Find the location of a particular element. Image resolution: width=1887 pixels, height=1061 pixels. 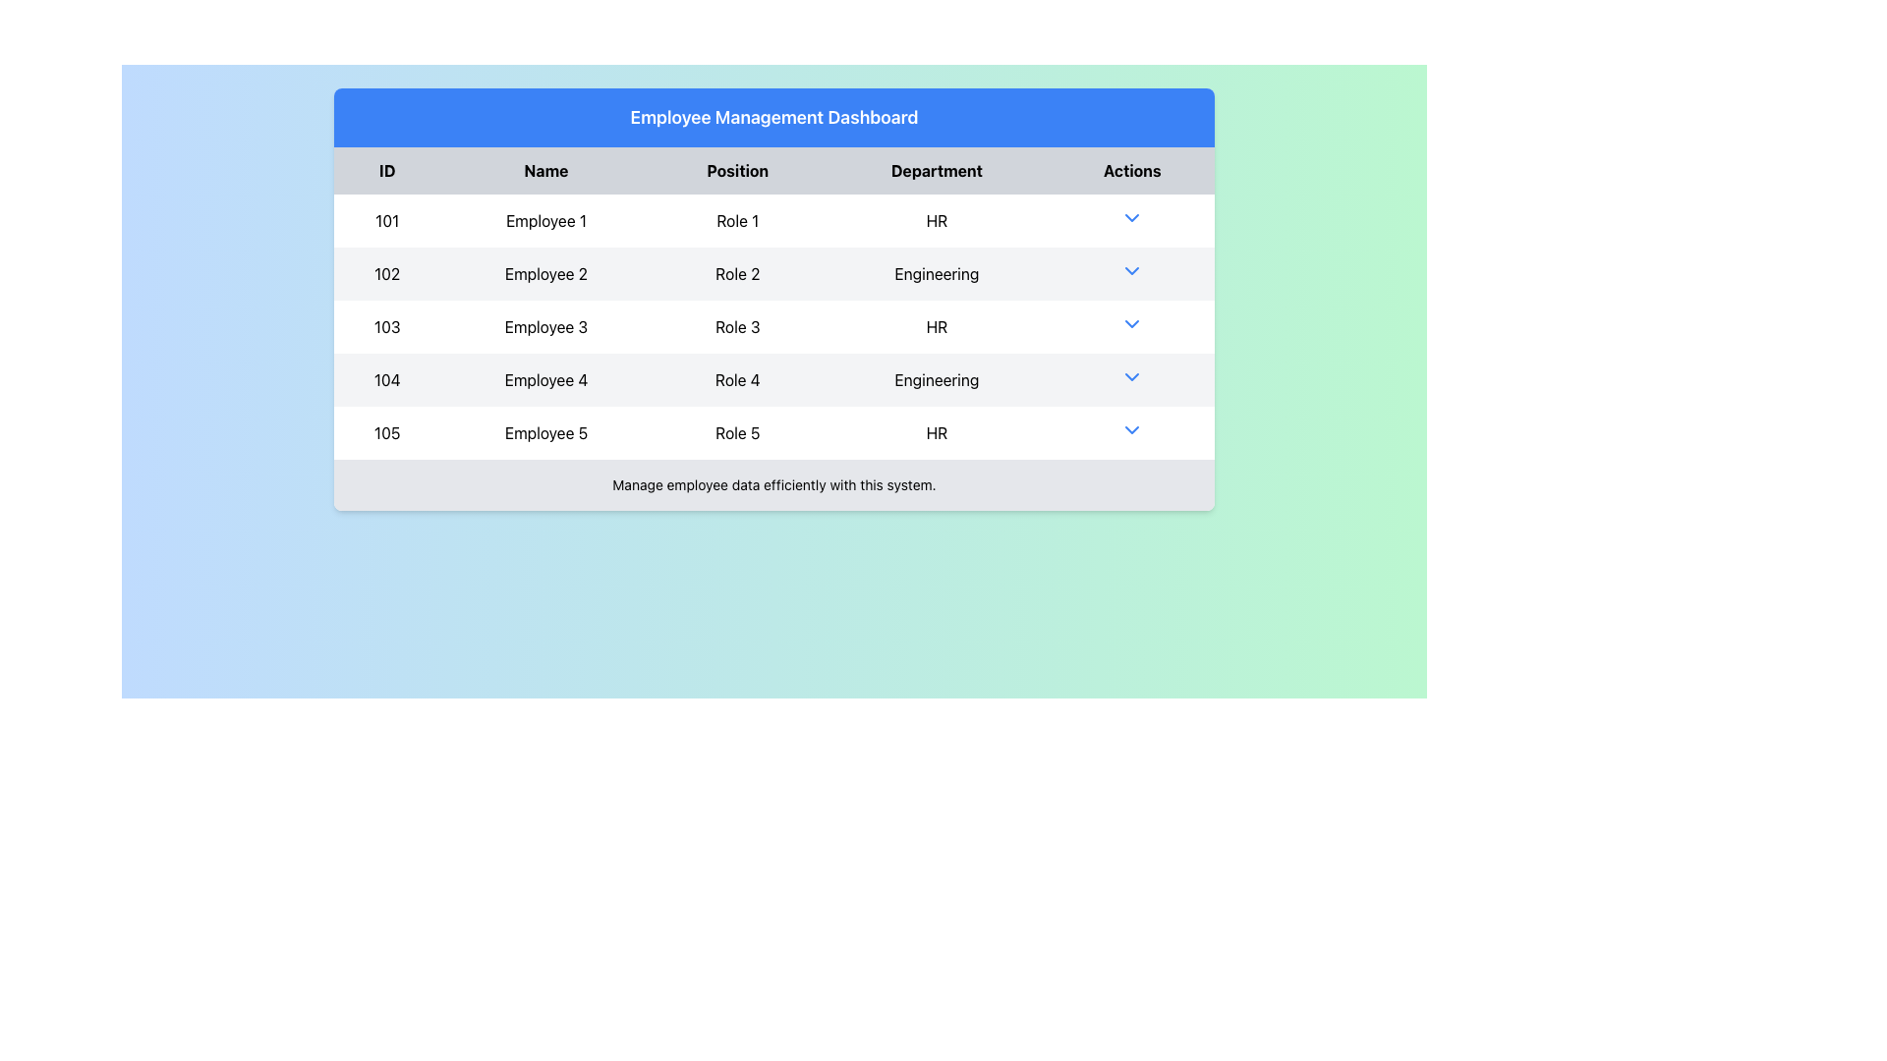

the text label displaying 'Role 1' in the 'Position' column of the Employee Management Dashboard table is located at coordinates (736, 220).